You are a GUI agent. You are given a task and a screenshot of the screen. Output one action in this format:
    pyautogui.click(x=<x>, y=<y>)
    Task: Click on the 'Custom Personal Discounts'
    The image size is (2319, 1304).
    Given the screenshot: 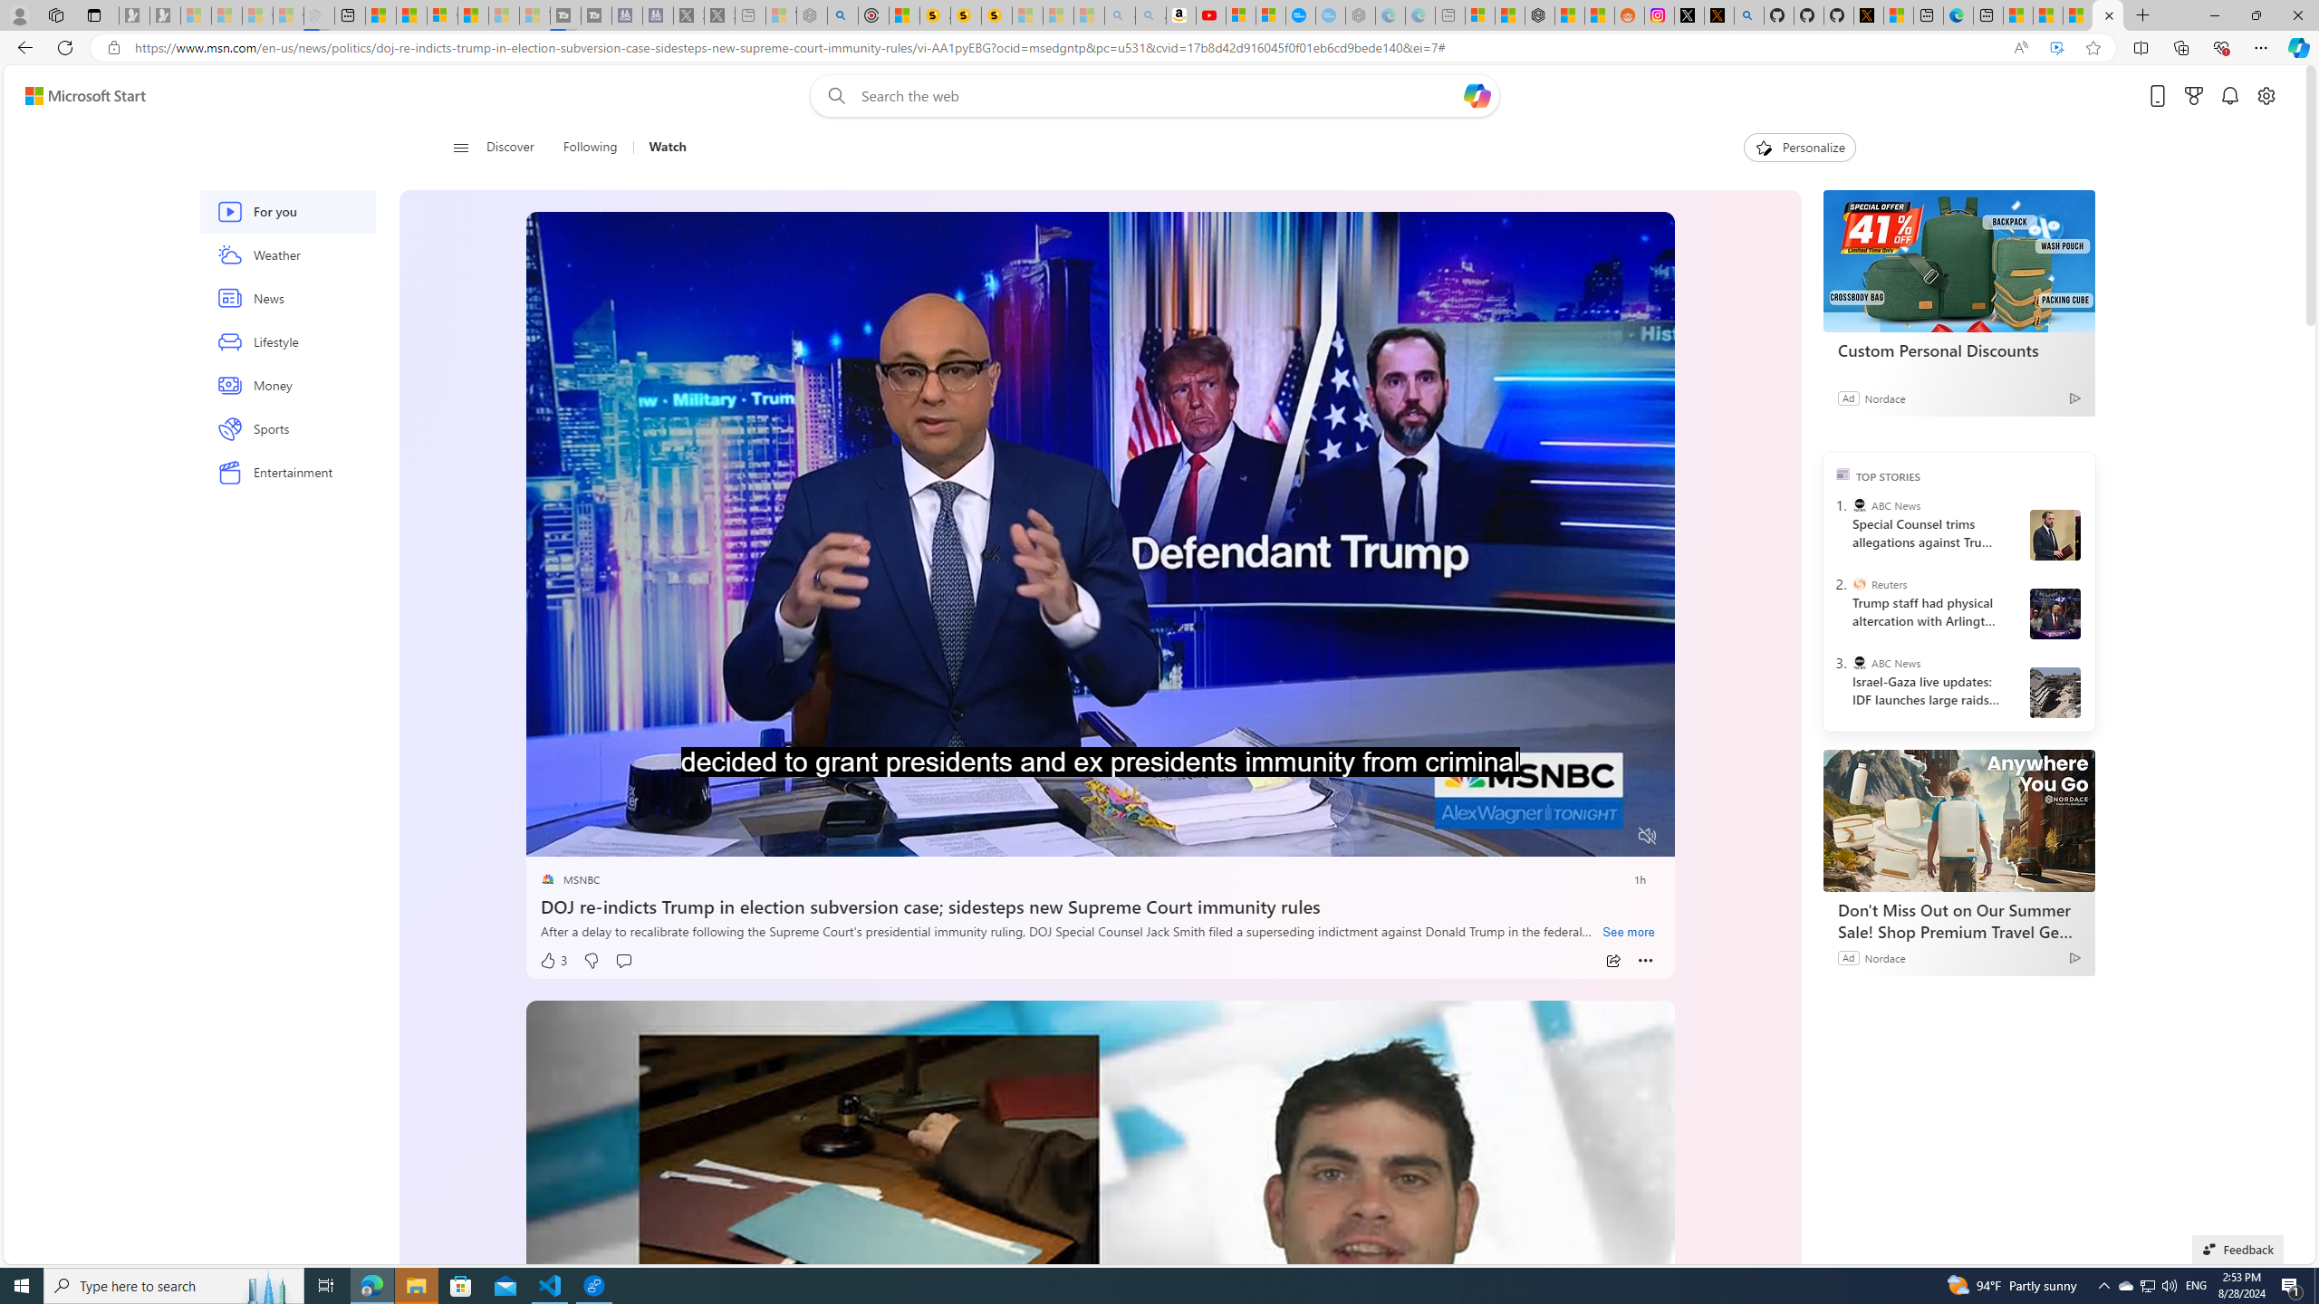 What is the action you would take?
    pyautogui.click(x=1958, y=260)
    